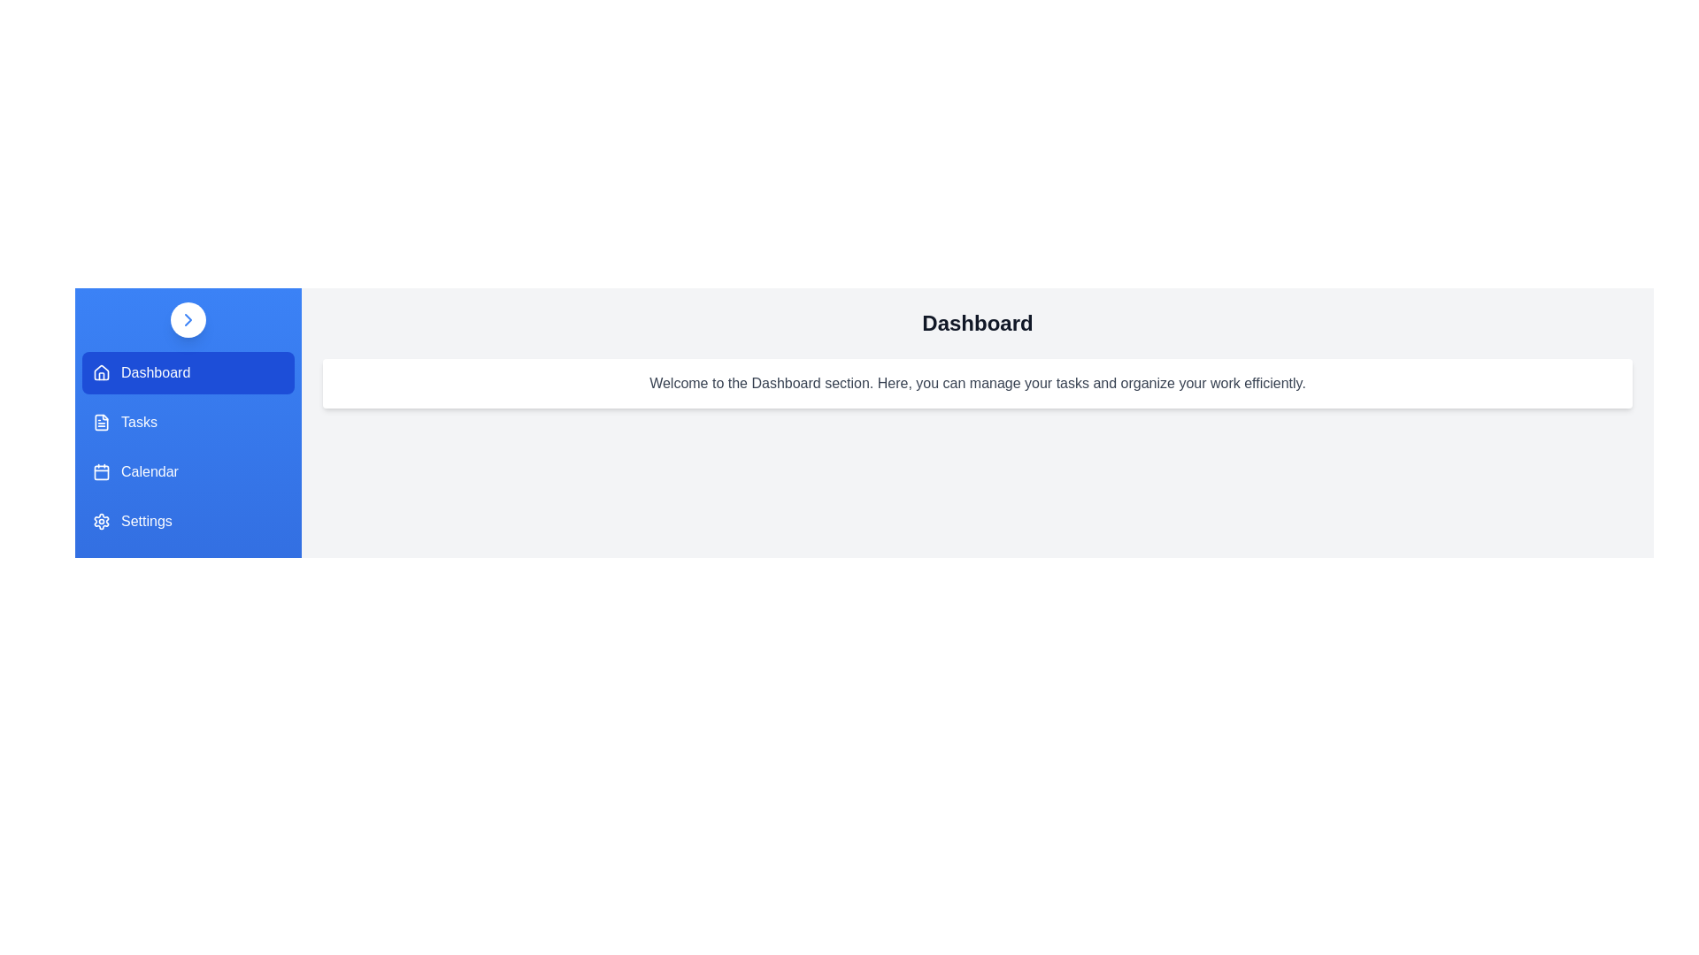  What do you see at coordinates (188, 371) in the screenshot?
I see `the menu item Dashboard to view its content` at bounding box center [188, 371].